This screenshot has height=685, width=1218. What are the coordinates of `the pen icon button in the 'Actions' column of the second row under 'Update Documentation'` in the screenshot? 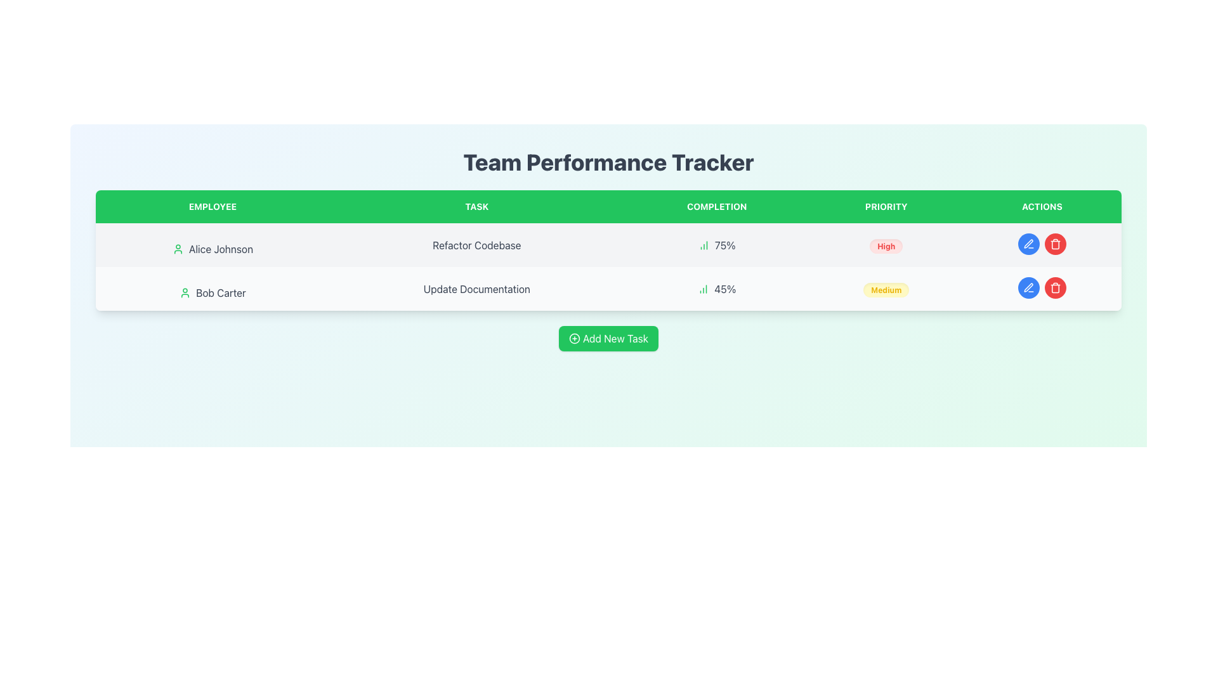 It's located at (1028, 288).